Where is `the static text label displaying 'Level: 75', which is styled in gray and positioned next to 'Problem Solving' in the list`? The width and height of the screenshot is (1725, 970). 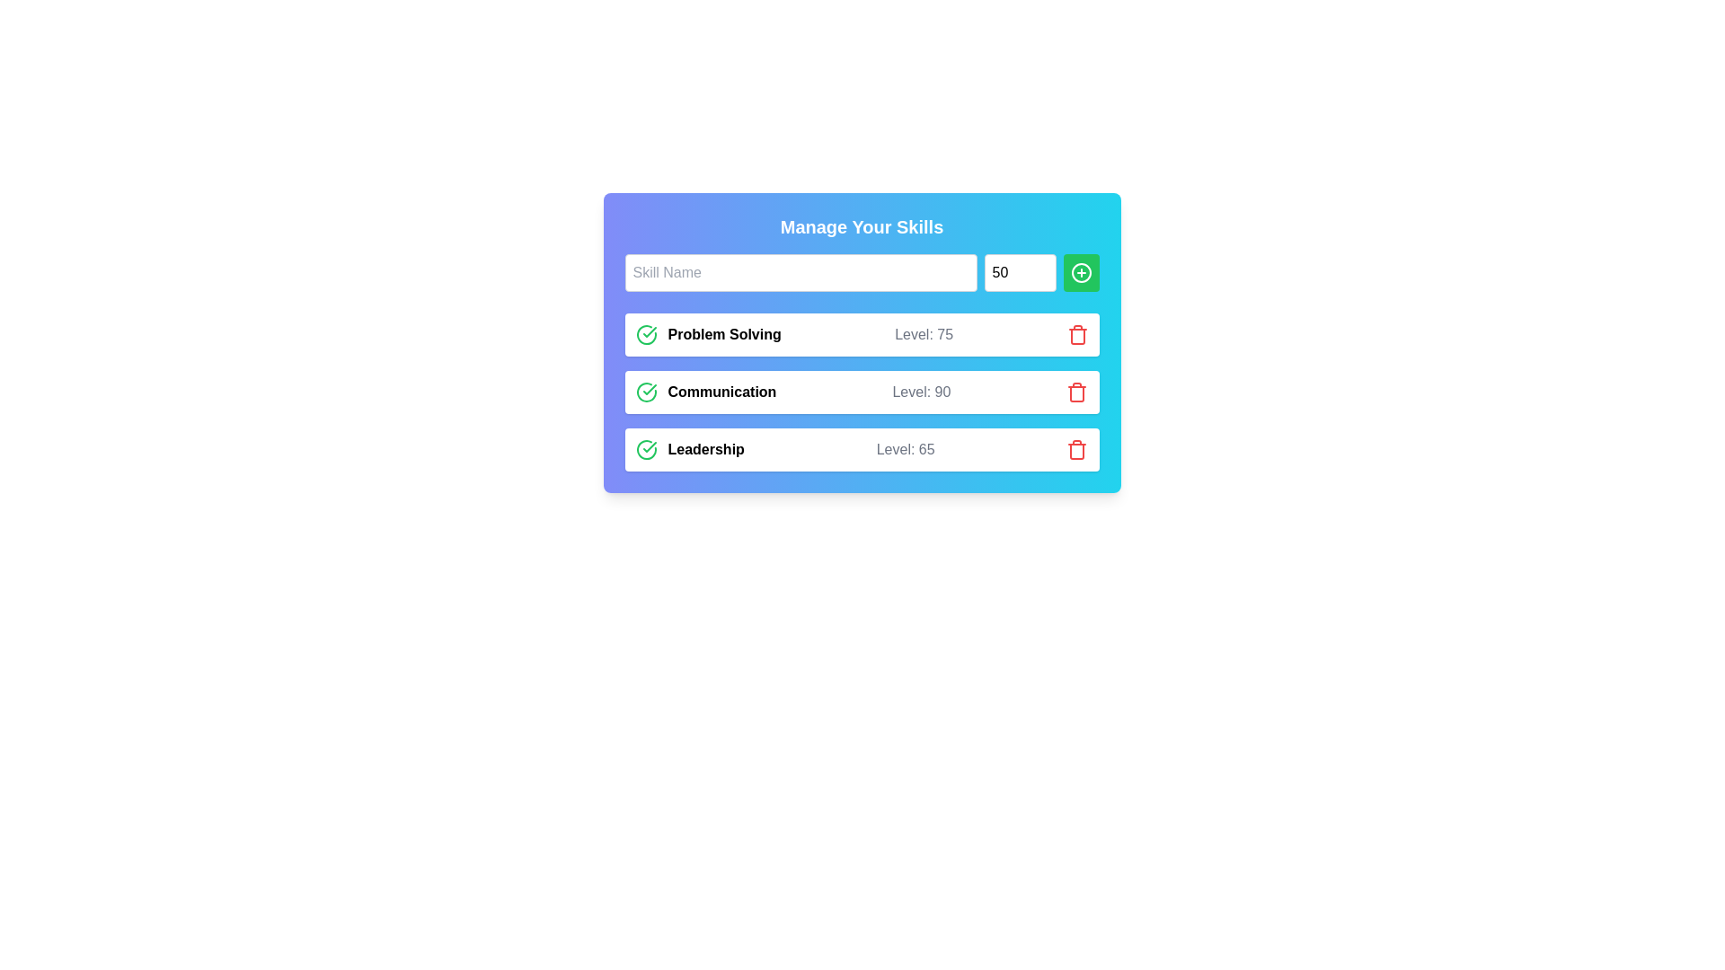 the static text label displaying 'Level: 75', which is styled in gray and positioned next to 'Problem Solving' in the list is located at coordinates (924, 335).